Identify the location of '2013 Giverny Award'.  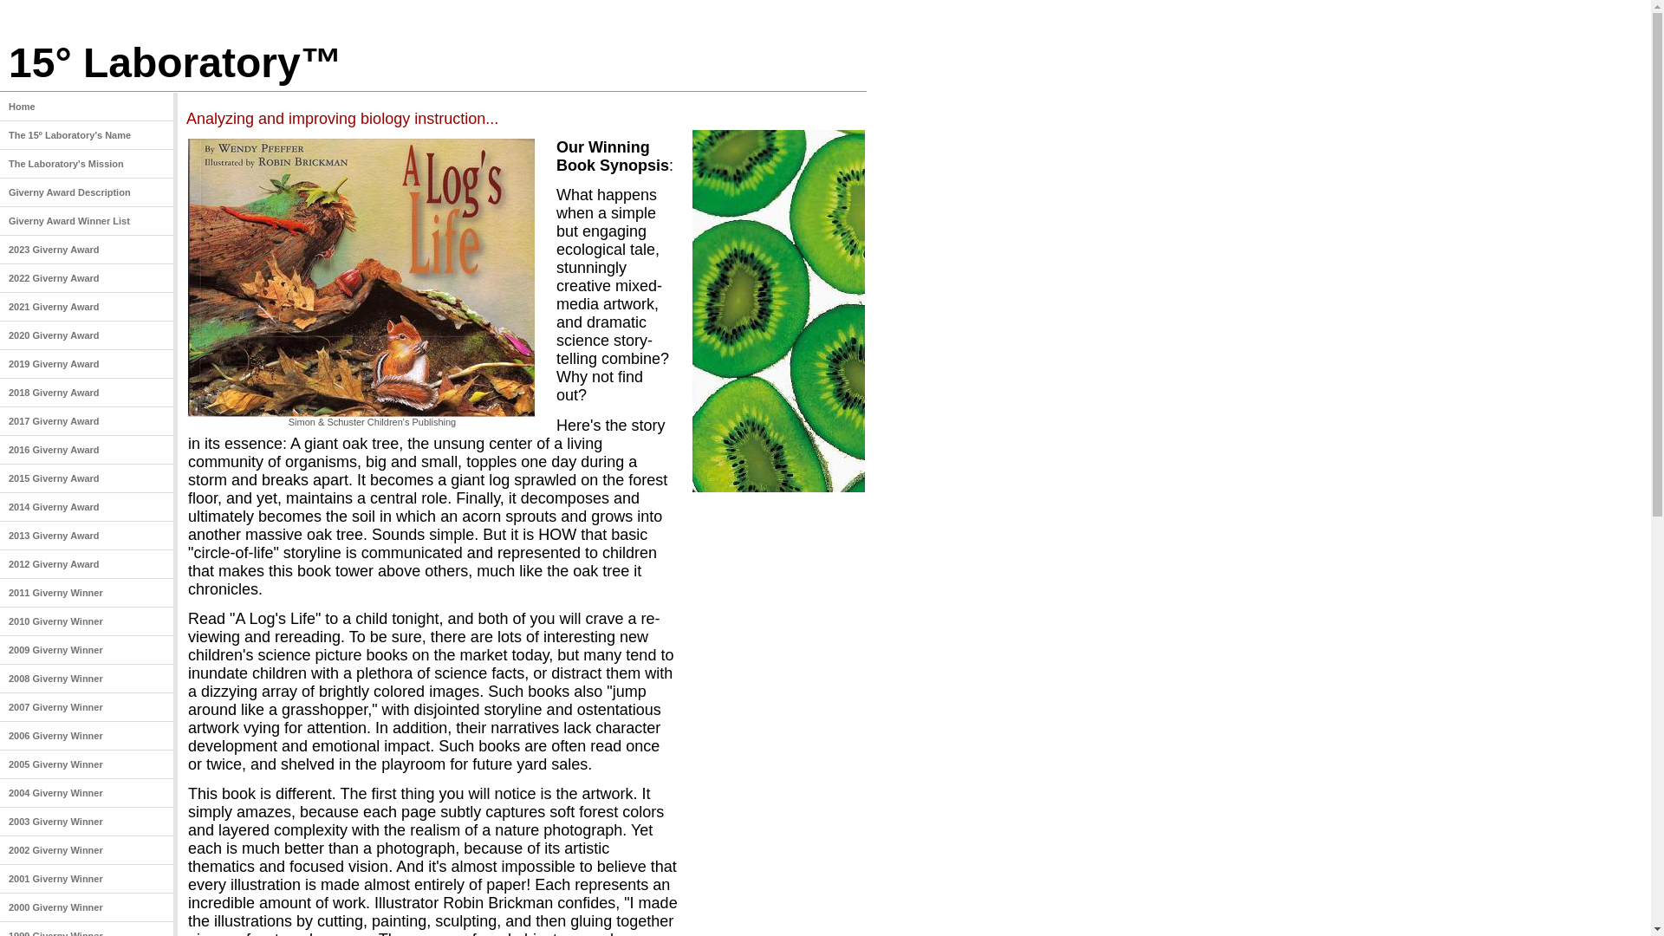
(0, 535).